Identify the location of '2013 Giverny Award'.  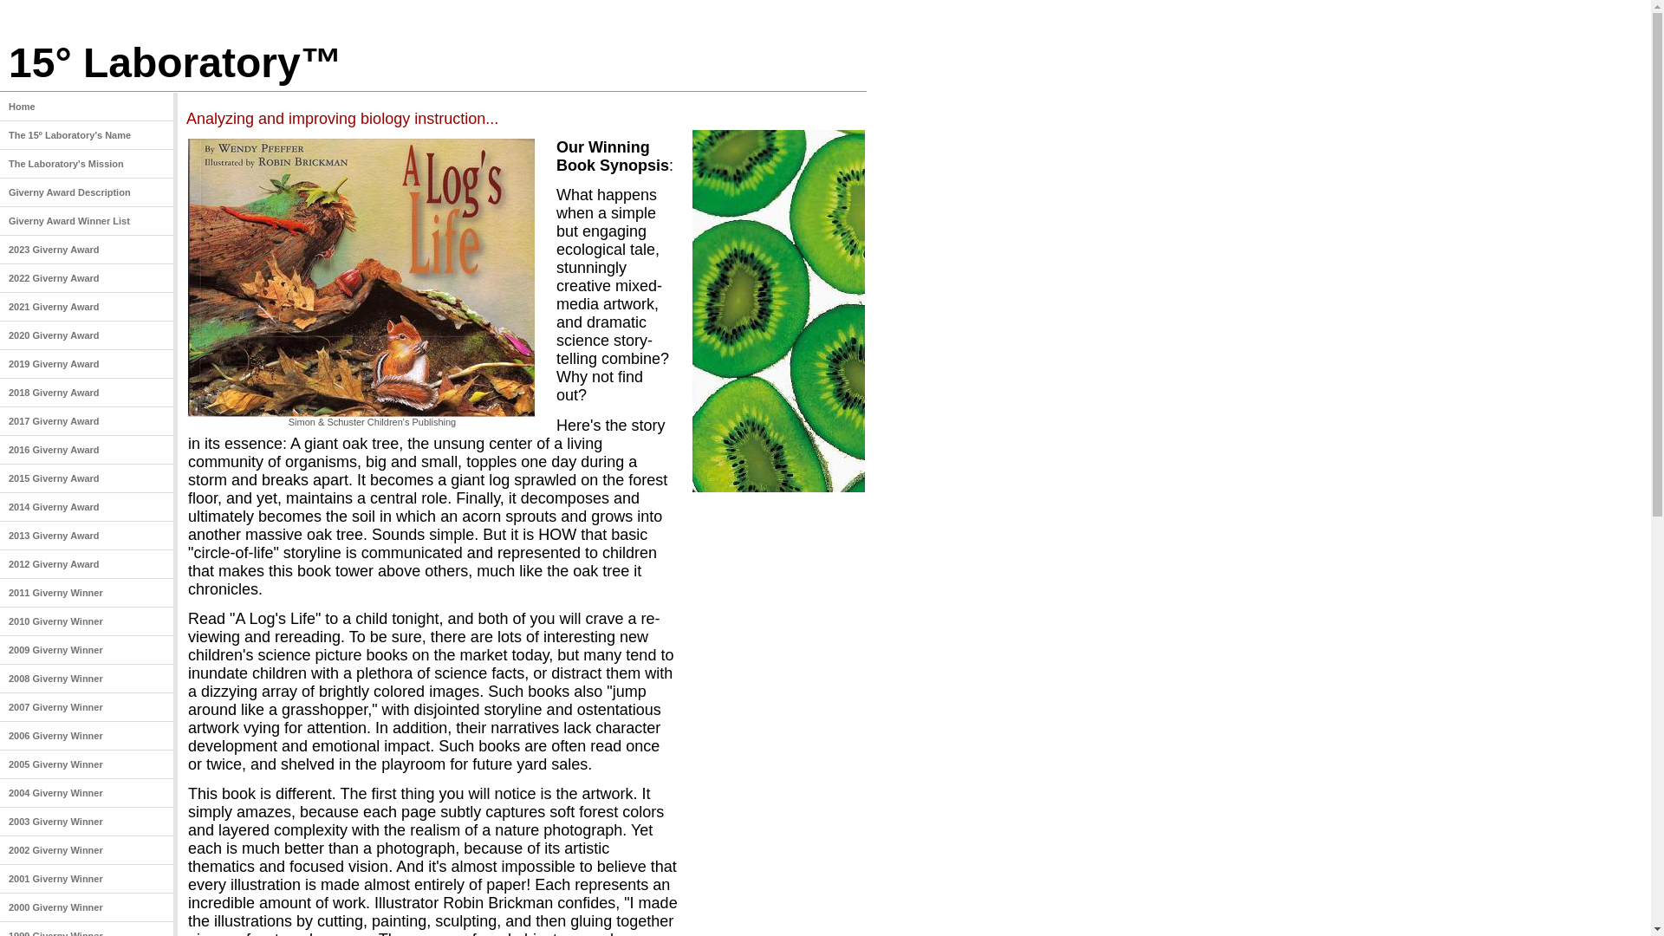
(0, 535).